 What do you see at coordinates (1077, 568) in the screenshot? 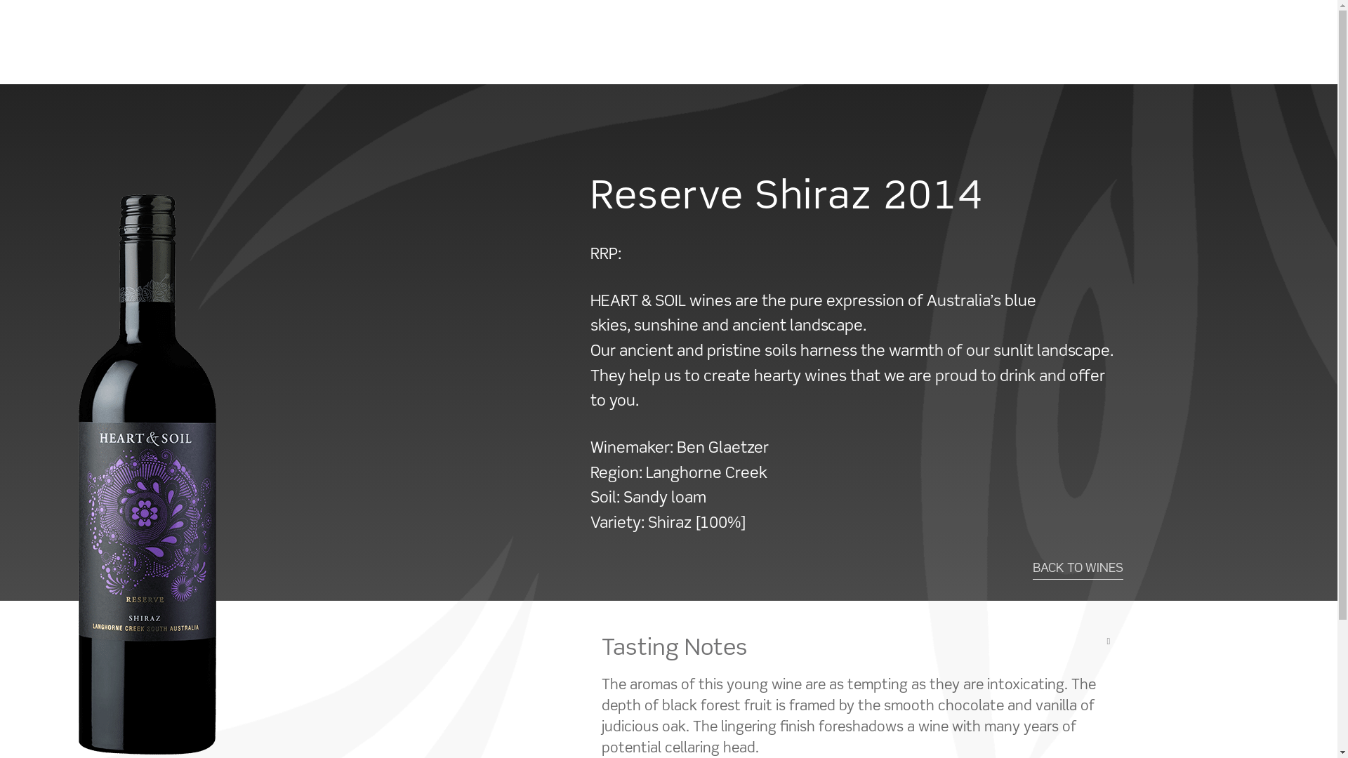
I see `'BACK TO WINES'` at bounding box center [1077, 568].